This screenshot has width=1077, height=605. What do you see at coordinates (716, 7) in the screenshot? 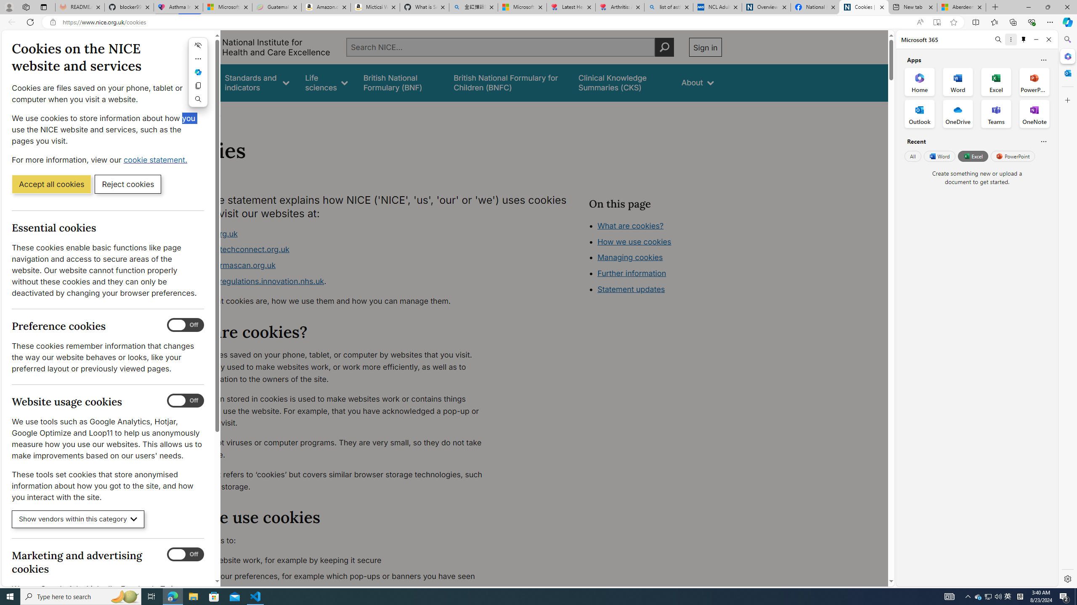
I see `'NCL Adult Asthma Inhaler Choice Guideline'` at bounding box center [716, 7].